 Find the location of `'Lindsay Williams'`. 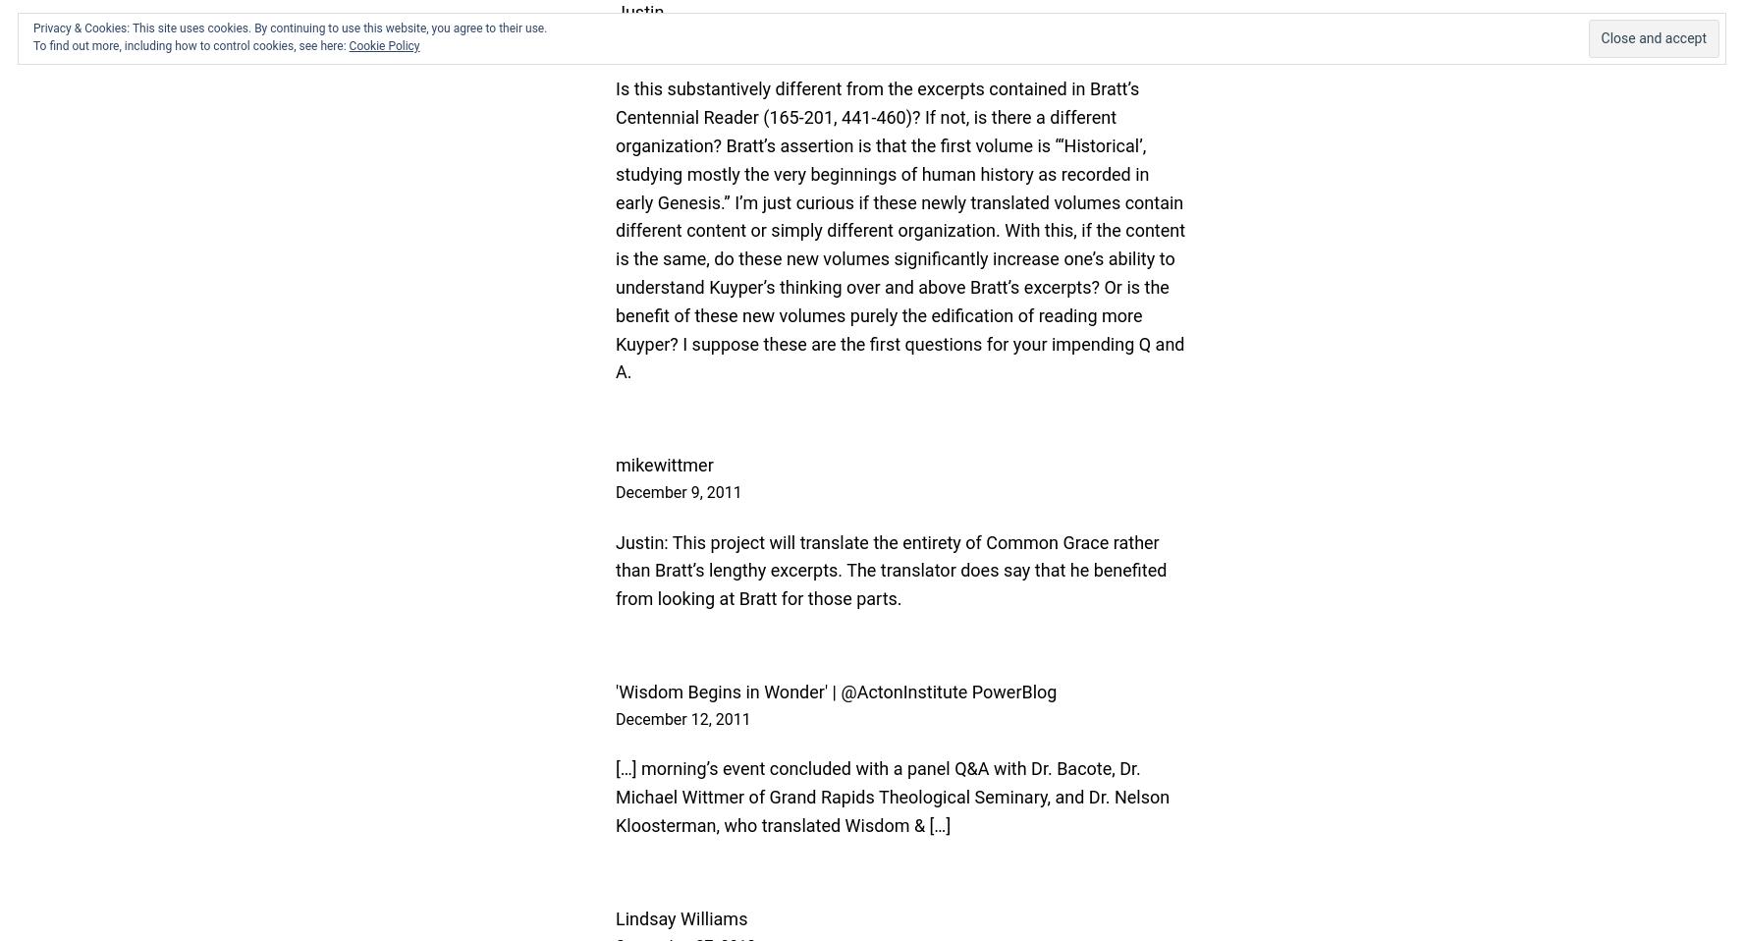

'Lindsay Williams' is located at coordinates (681, 917).